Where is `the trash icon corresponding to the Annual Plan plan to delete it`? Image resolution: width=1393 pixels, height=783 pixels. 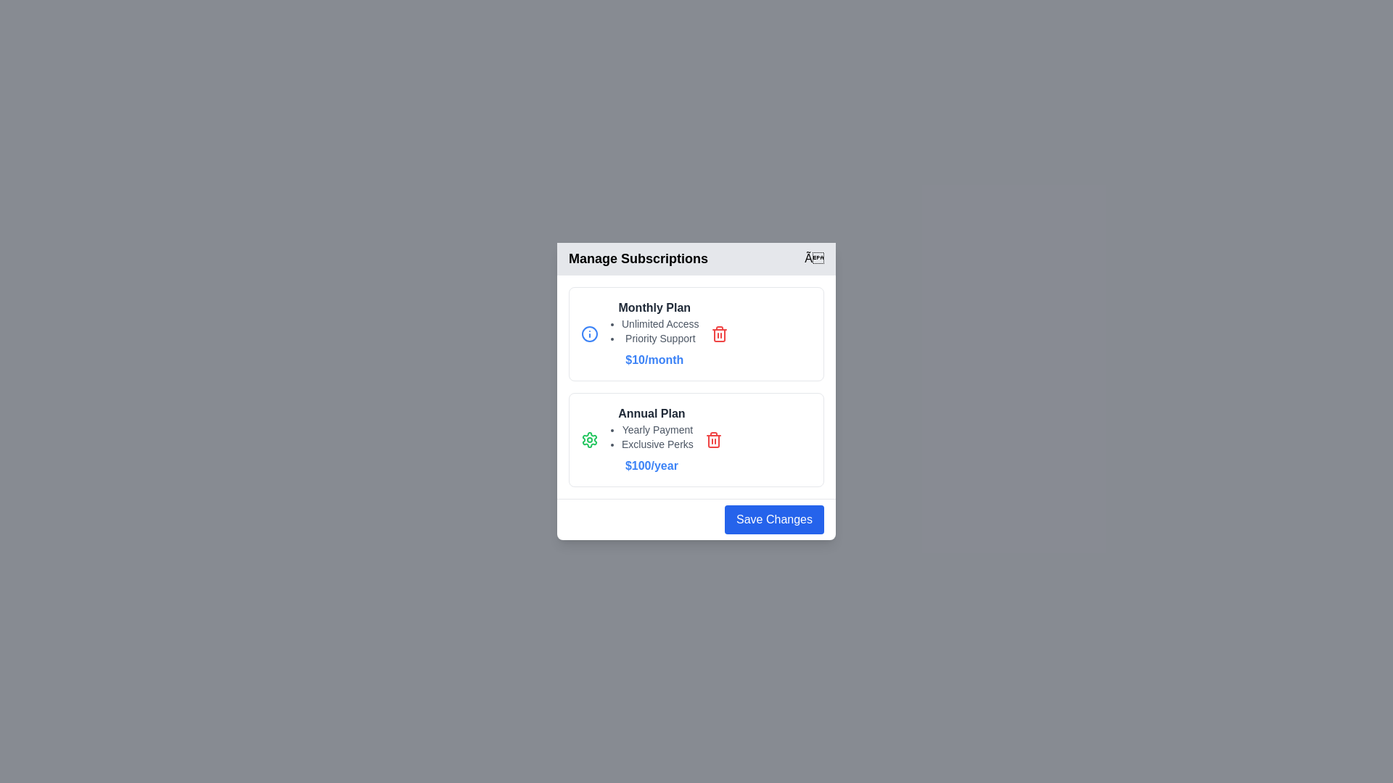
the trash icon corresponding to the Annual Plan plan to delete it is located at coordinates (713, 439).